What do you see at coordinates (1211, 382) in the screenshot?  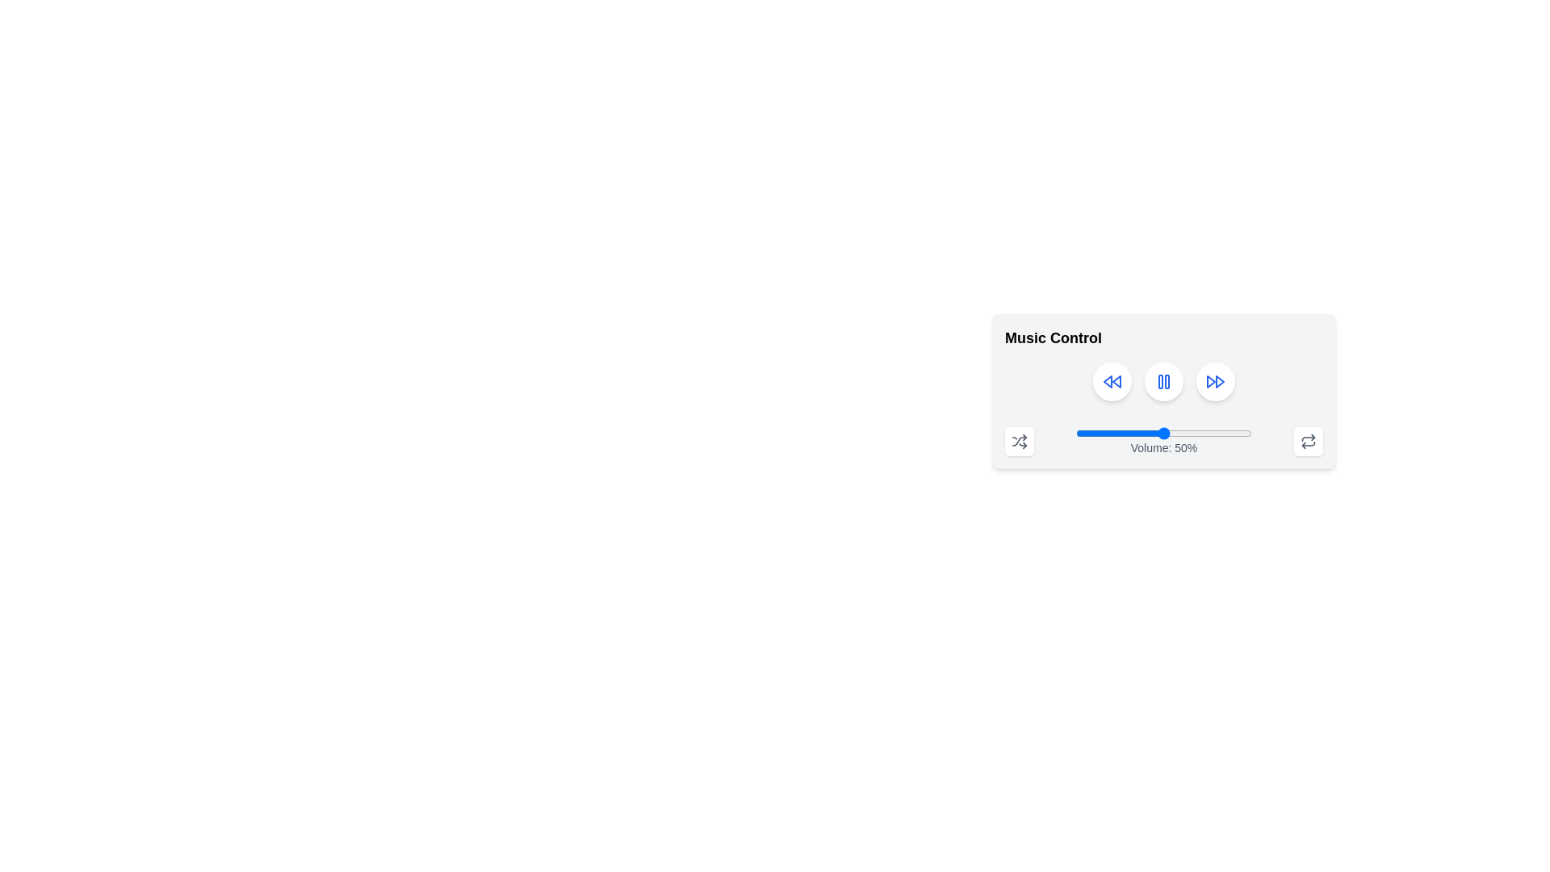 I see `the left triangle of the playback control icon in the music control interface, which is part of an SVG graphical element located towards the right side of the rounded rectangle section` at bounding box center [1211, 382].